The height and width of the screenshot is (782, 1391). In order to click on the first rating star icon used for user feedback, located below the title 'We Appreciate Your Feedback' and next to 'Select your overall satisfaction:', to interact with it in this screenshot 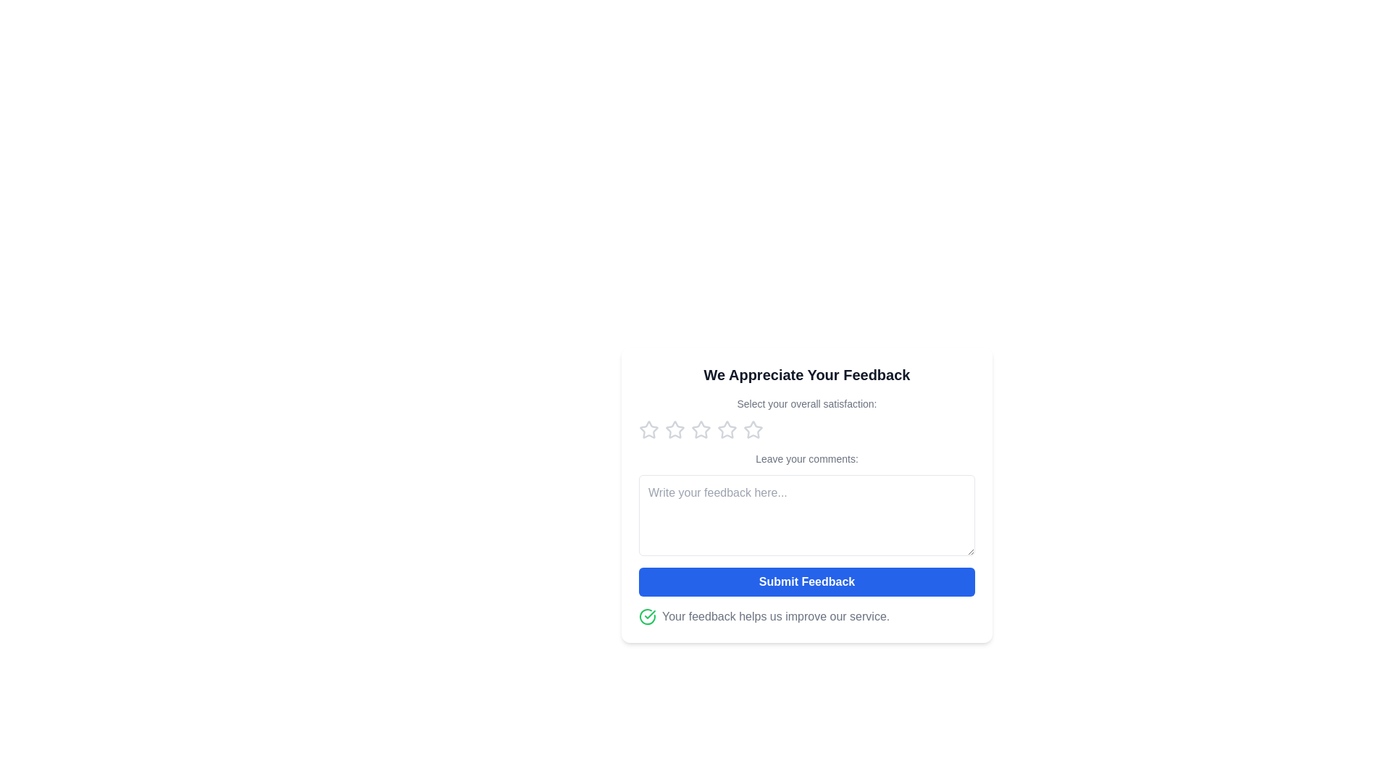, I will do `click(648, 429)`.